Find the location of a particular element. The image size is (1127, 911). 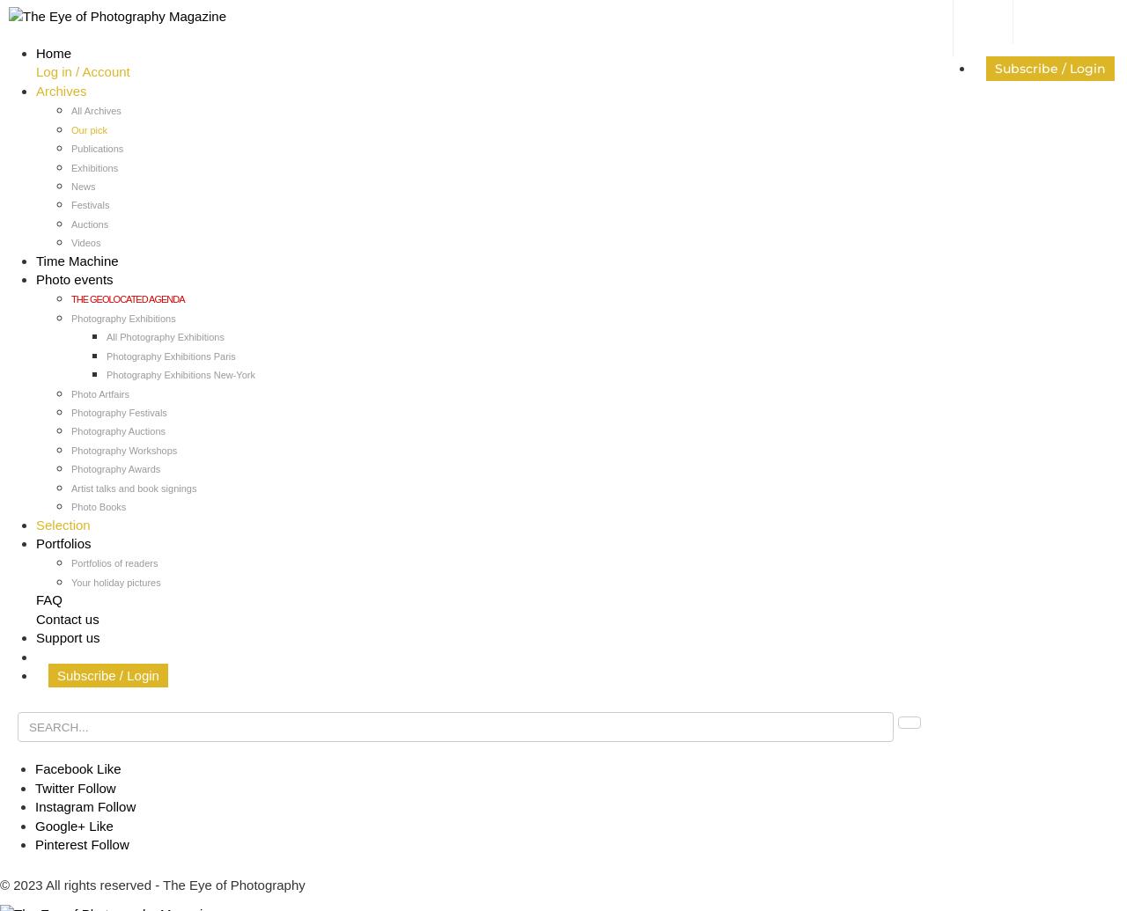

'Selection' is located at coordinates (63, 523).